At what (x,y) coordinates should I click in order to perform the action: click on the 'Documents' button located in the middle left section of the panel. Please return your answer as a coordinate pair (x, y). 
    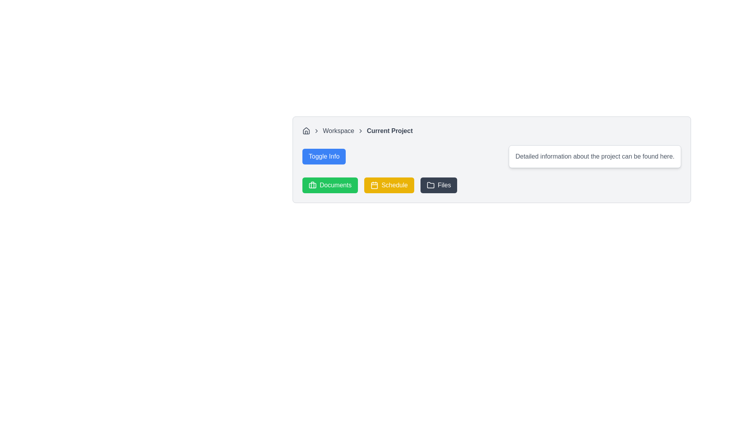
    Looking at the image, I should click on (312, 185).